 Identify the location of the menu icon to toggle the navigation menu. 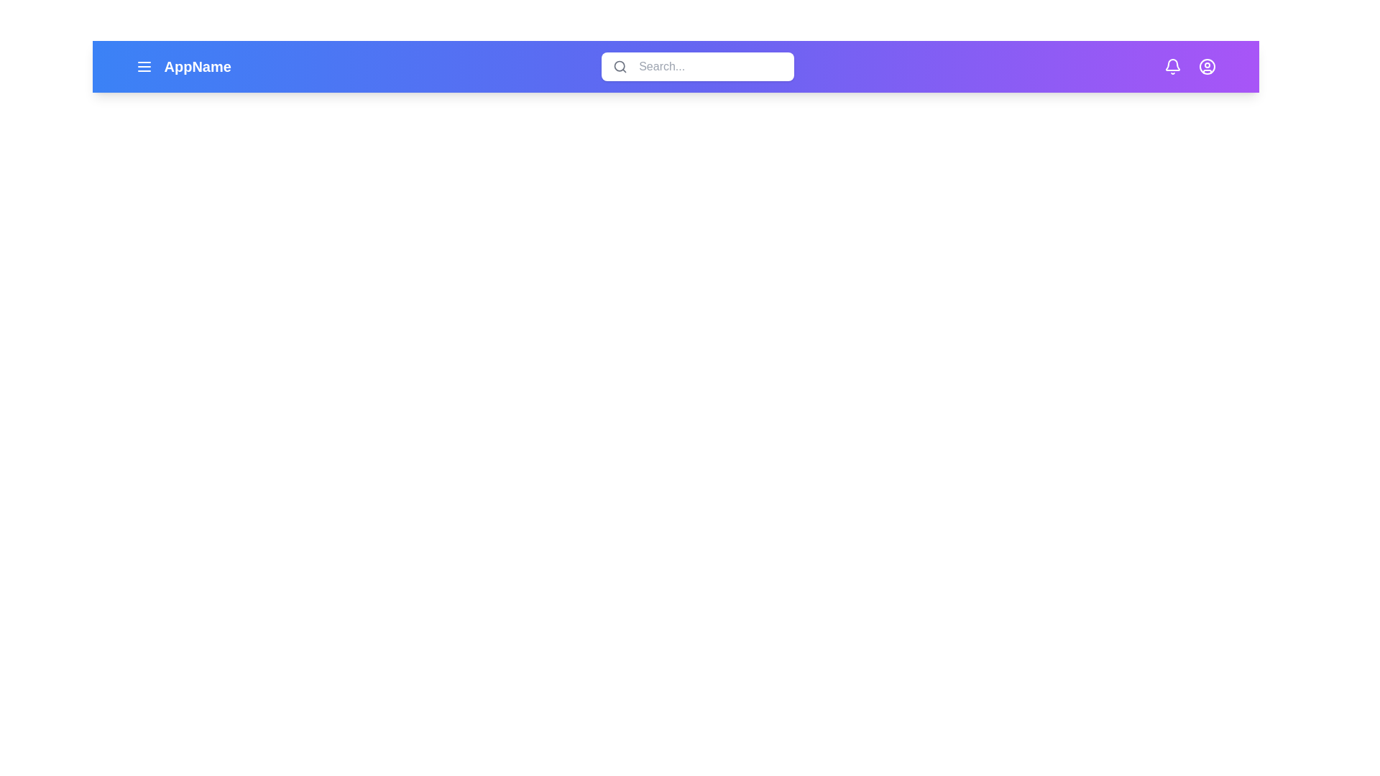
(144, 66).